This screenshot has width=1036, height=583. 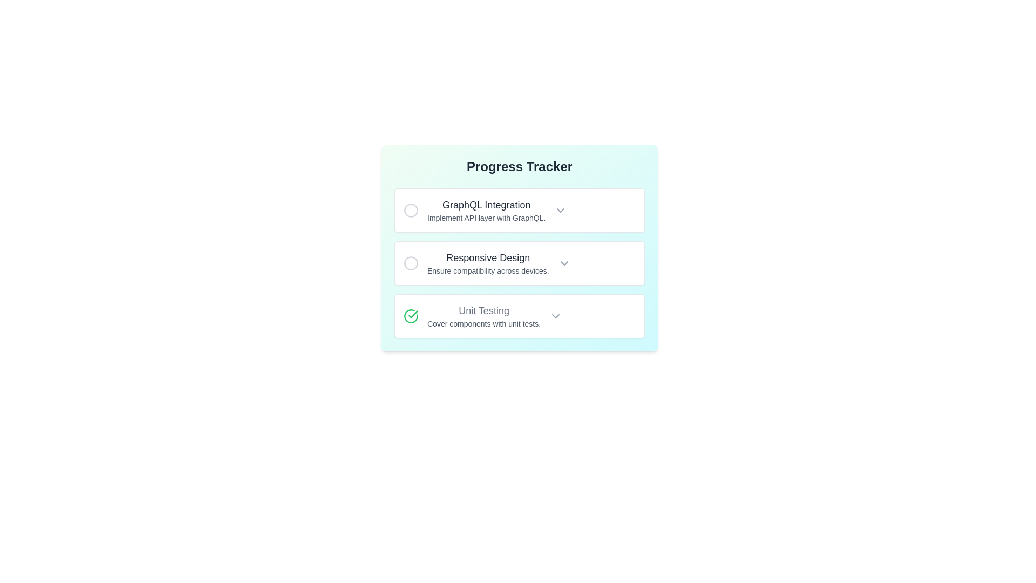 What do you see at coordinates (413, 314) in the screenshot?
I see `the green check mark icon inside the circular boundary located in the bottom-most task row labeled 'Unit Testing' in the progress tracker` at bounding box center [413, 314].